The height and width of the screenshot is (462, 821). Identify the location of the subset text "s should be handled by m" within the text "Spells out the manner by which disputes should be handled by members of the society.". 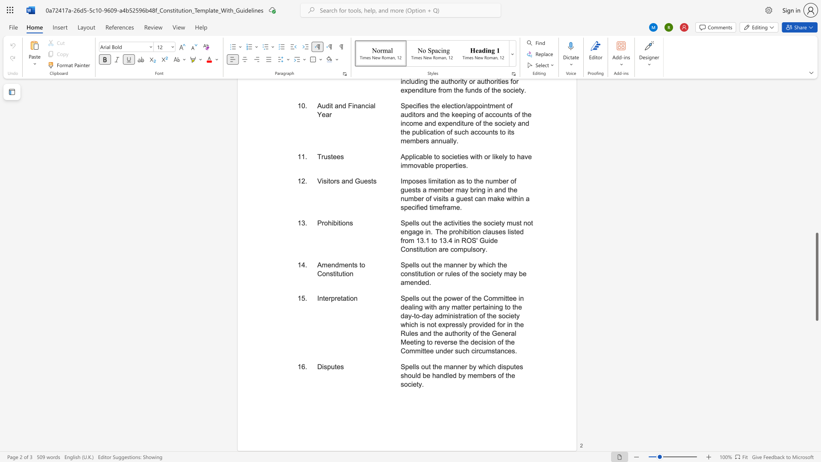
(519, 366).